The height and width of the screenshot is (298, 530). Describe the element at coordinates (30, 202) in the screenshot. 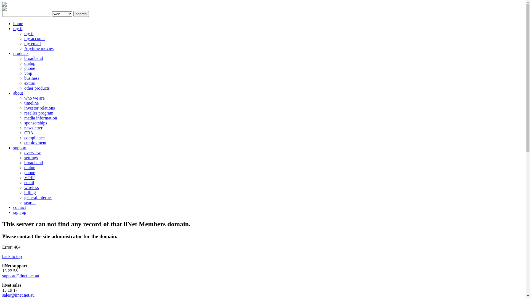

I see `'search'` at that location.